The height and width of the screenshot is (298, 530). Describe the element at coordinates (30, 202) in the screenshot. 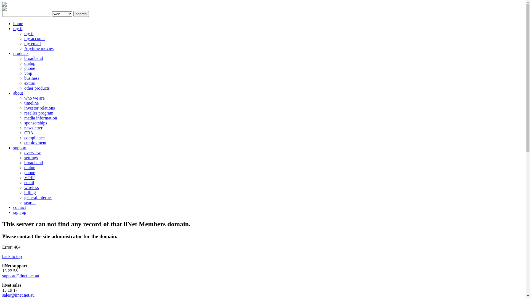

I see `'search'` at that location.